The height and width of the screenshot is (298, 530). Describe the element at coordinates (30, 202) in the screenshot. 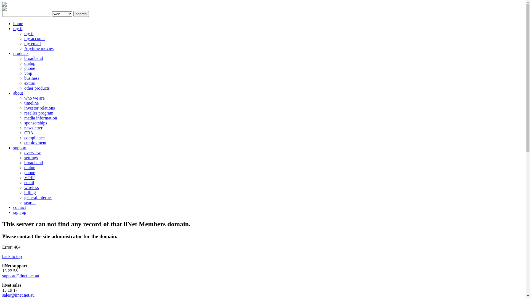

I see `'search'` at that location.